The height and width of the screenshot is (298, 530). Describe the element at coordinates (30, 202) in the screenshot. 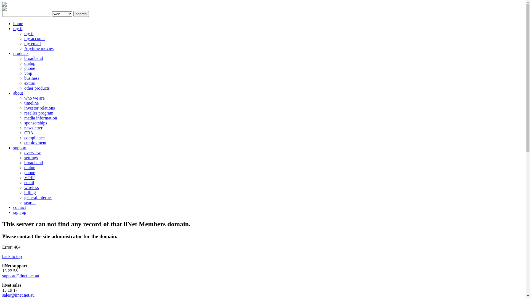

I see `'search'` at that location.